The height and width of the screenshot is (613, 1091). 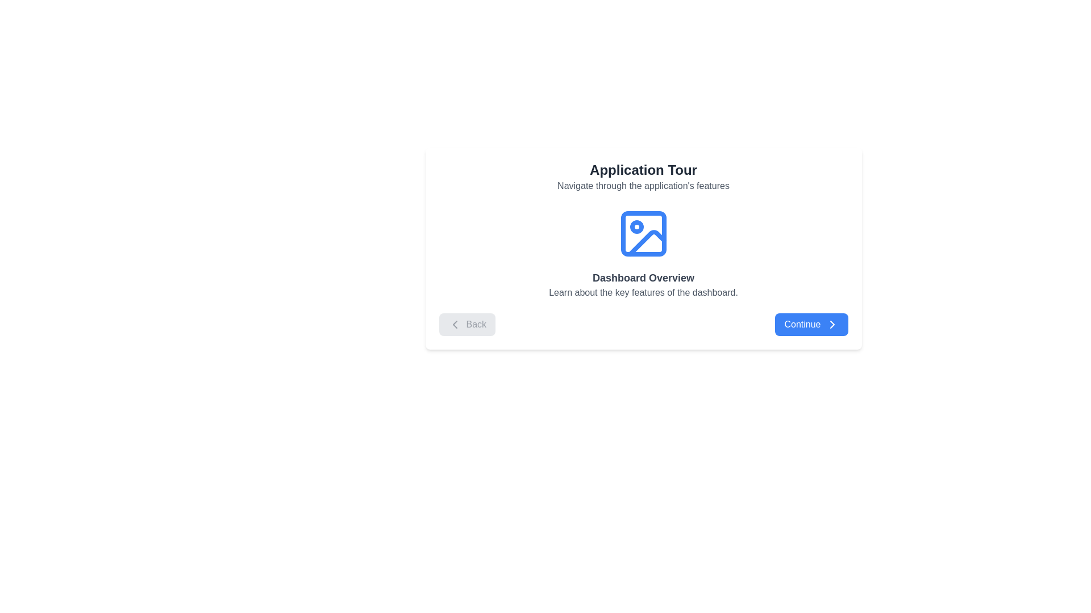 I want to click on the static text element that serves as the title, positioned at the top of the centered card-like section, which is directly above the subtitle 'Navigate through the application's features', so click(x=643, y=170).